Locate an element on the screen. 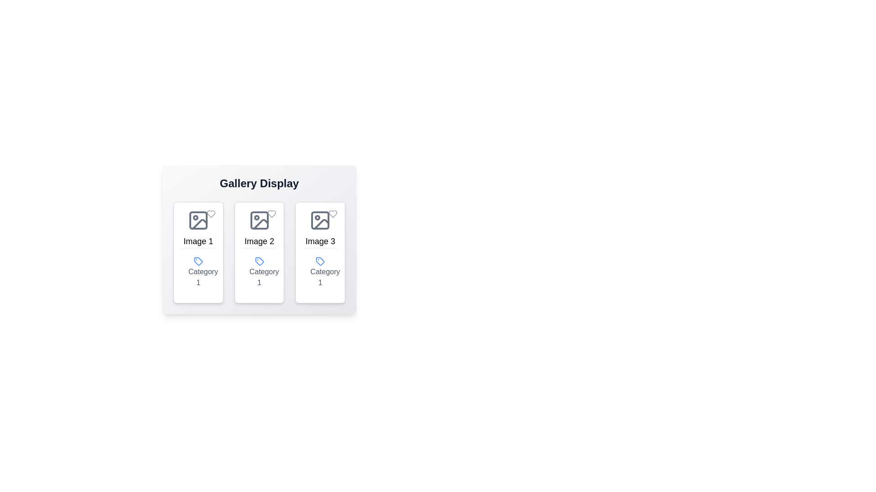 Image resolution: width=876 pixels, height=492 pixels. the Text with Icon element located at the bottom of the third card, beneath the image icon and title 'Image 3' is located at coordinates (320, 271).